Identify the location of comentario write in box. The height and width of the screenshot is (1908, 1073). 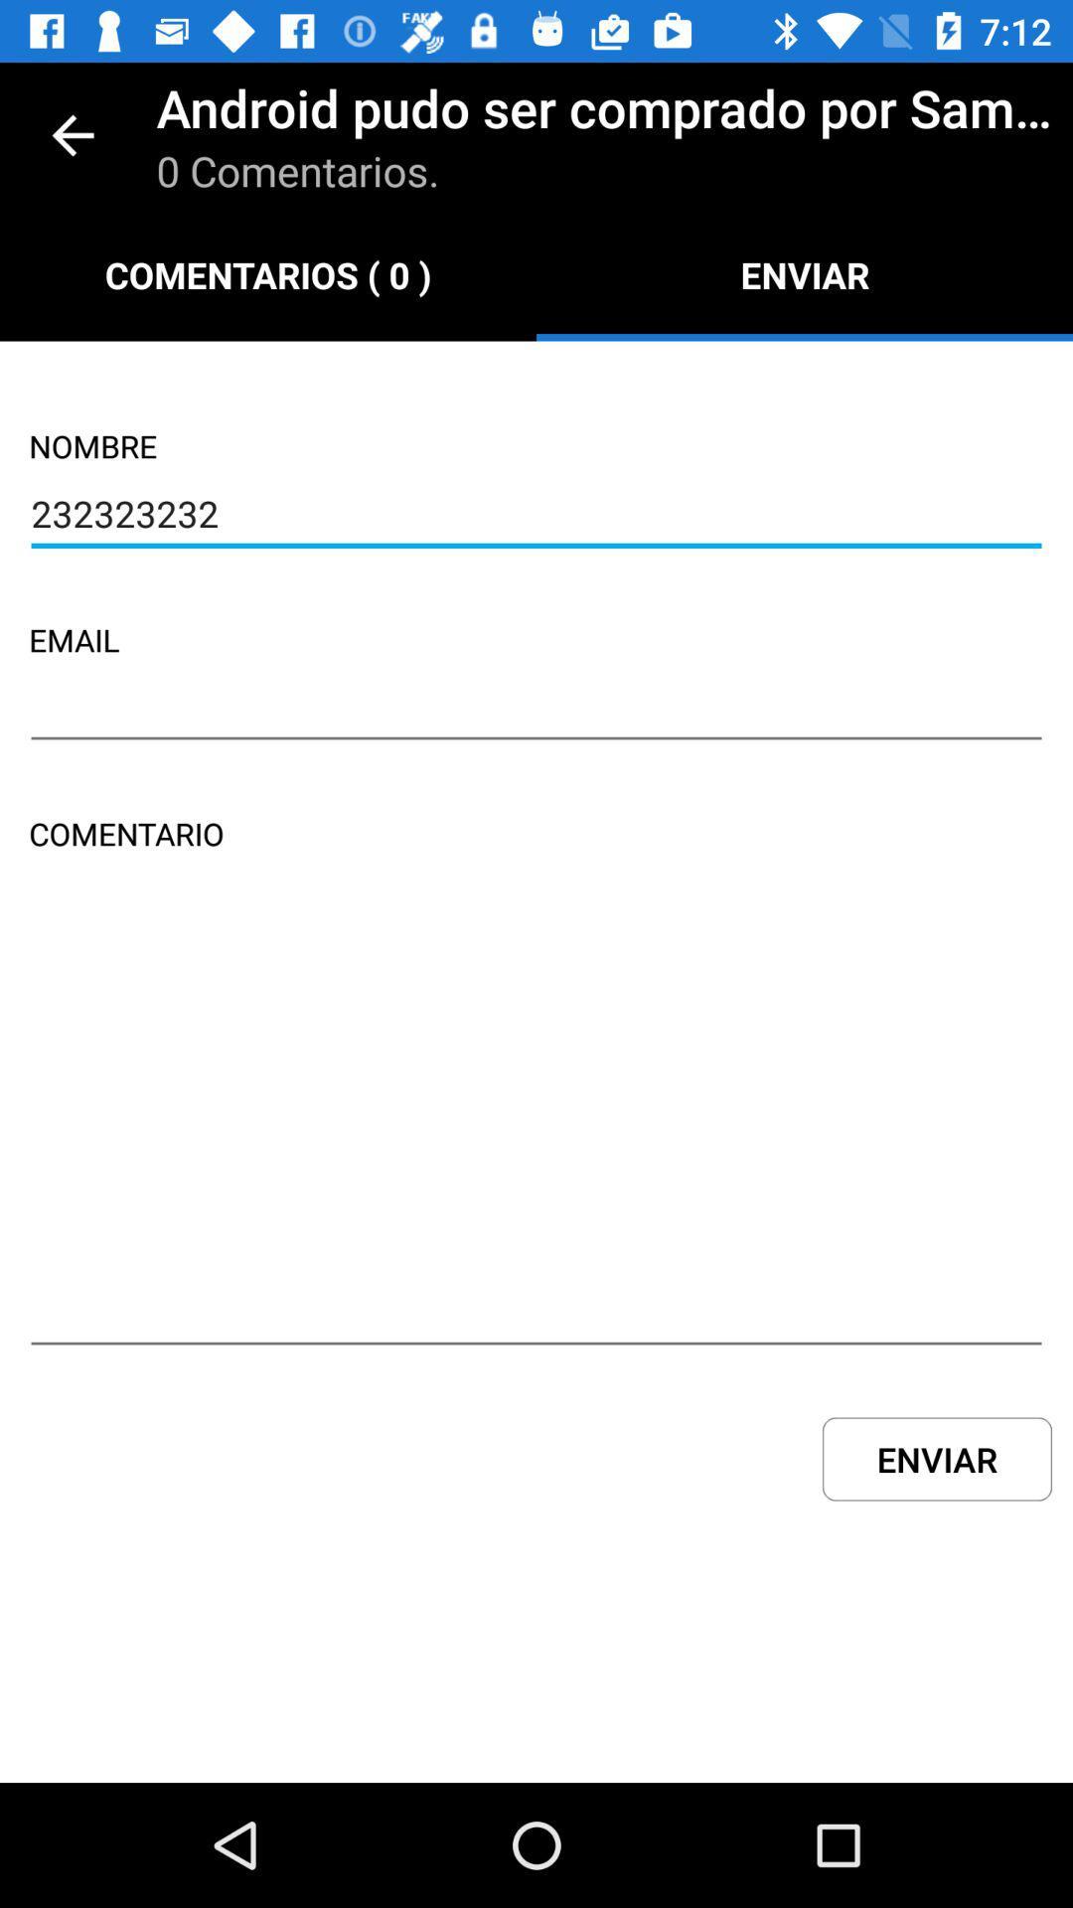
(536, 1130).